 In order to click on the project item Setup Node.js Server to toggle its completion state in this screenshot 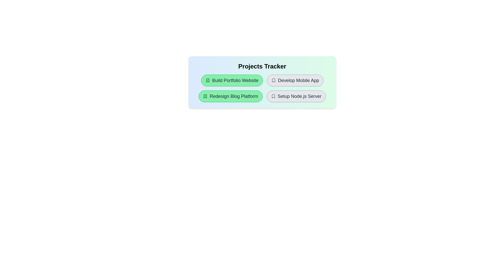, I will do `click(296, 96)`.